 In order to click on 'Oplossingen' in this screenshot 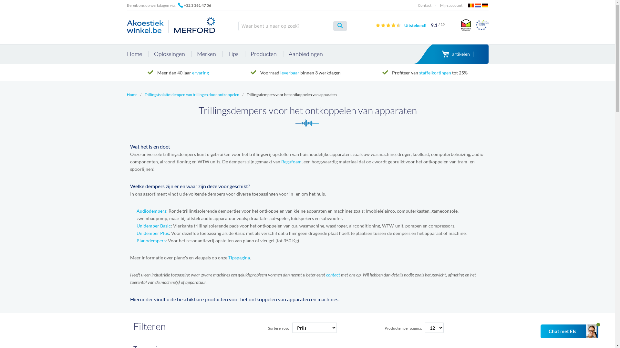, I will do `click(148, 54)`.